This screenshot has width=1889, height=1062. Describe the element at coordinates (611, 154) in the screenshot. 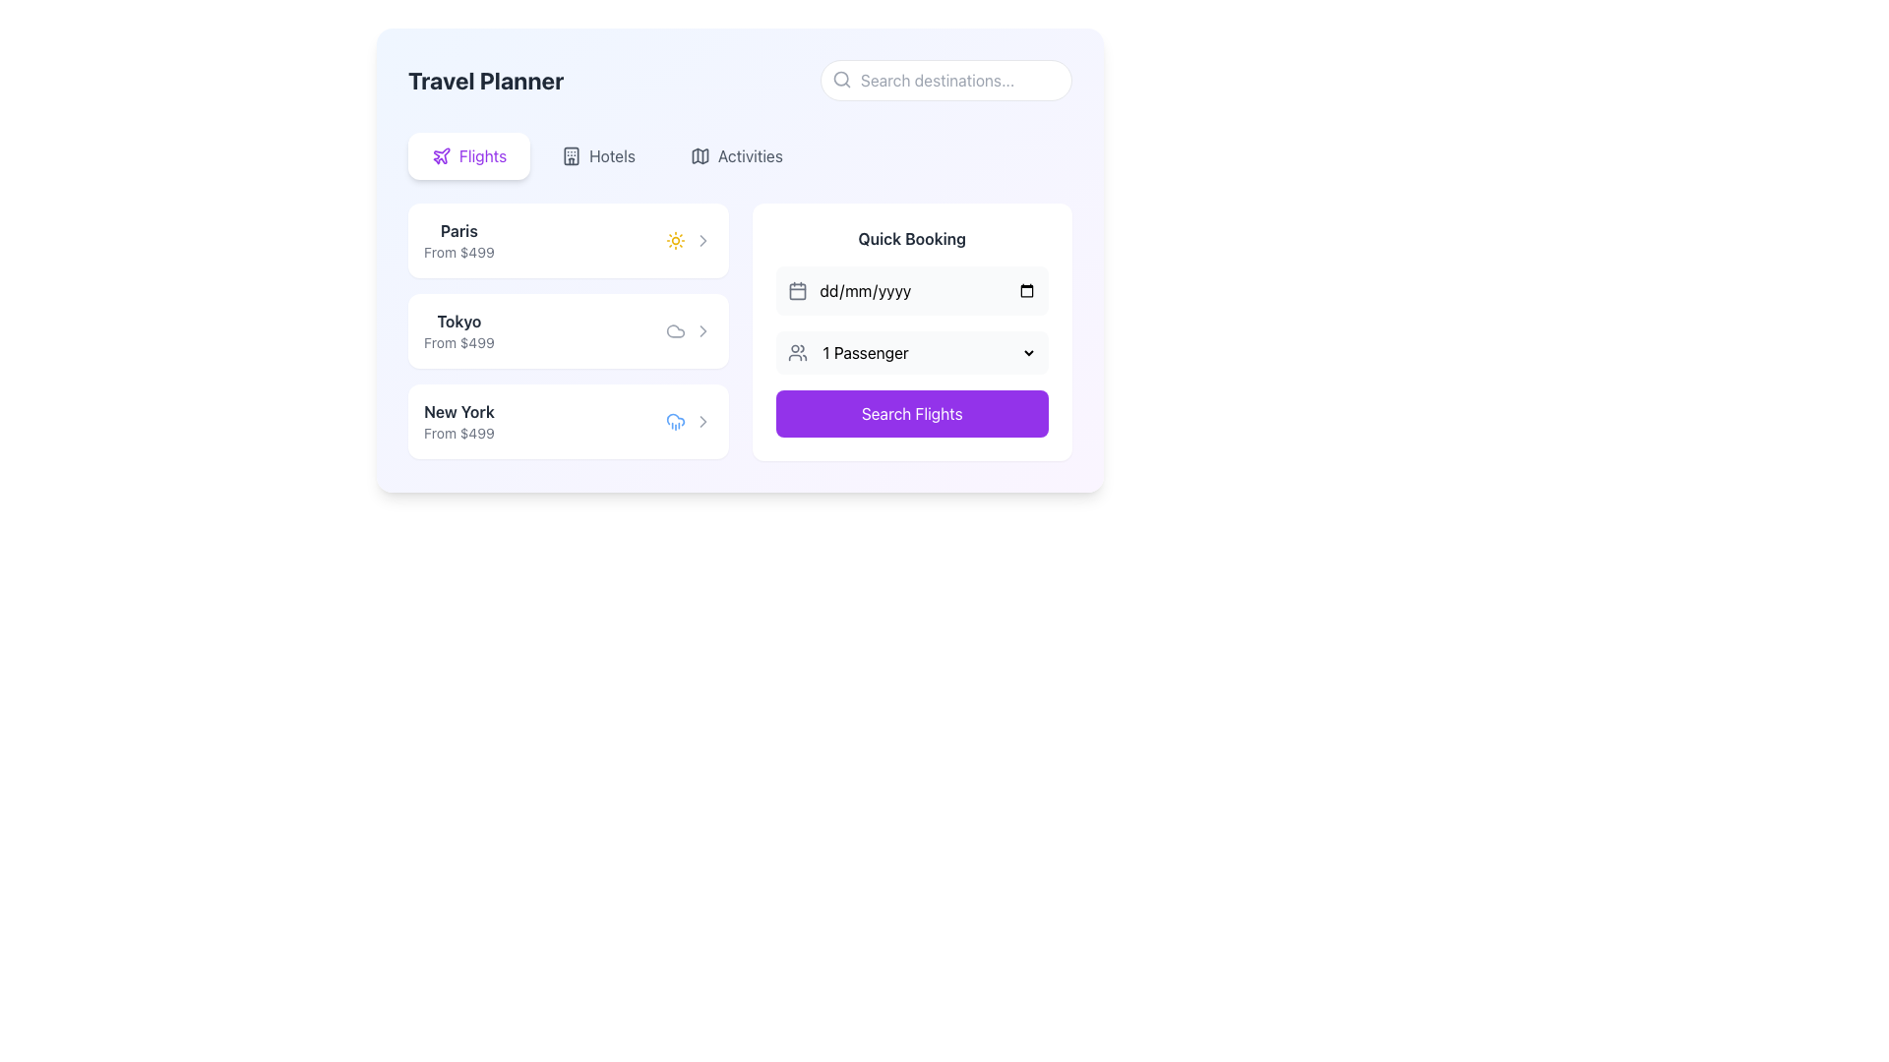

I see `the text label 'Hotels' in the navigation bar` at that location.